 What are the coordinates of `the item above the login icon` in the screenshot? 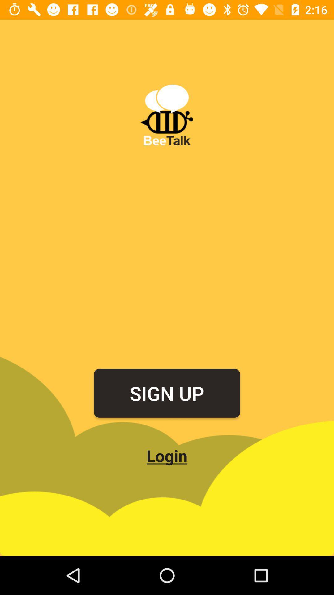 It's located at (167, 393).